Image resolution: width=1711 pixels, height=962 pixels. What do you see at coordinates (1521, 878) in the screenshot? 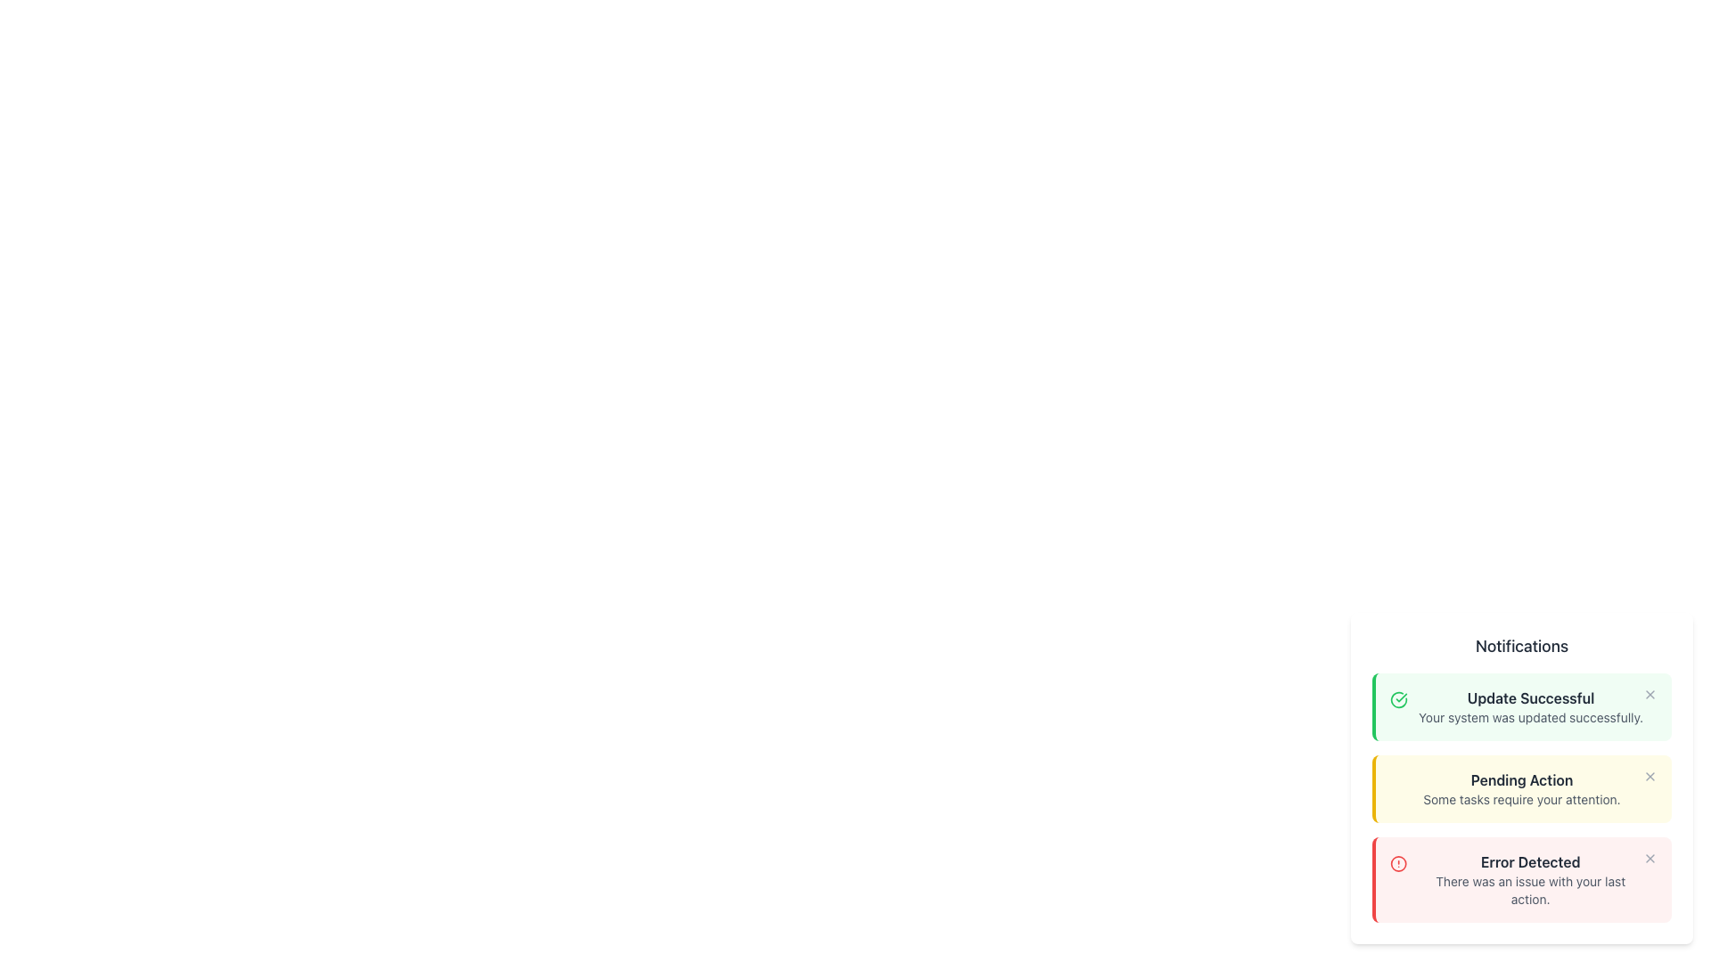
I see `the content of the notification card displaying 'Error Detected' with a red border and light red background, located at the bottom-right of the interface` at bounding box center [1521, 878].